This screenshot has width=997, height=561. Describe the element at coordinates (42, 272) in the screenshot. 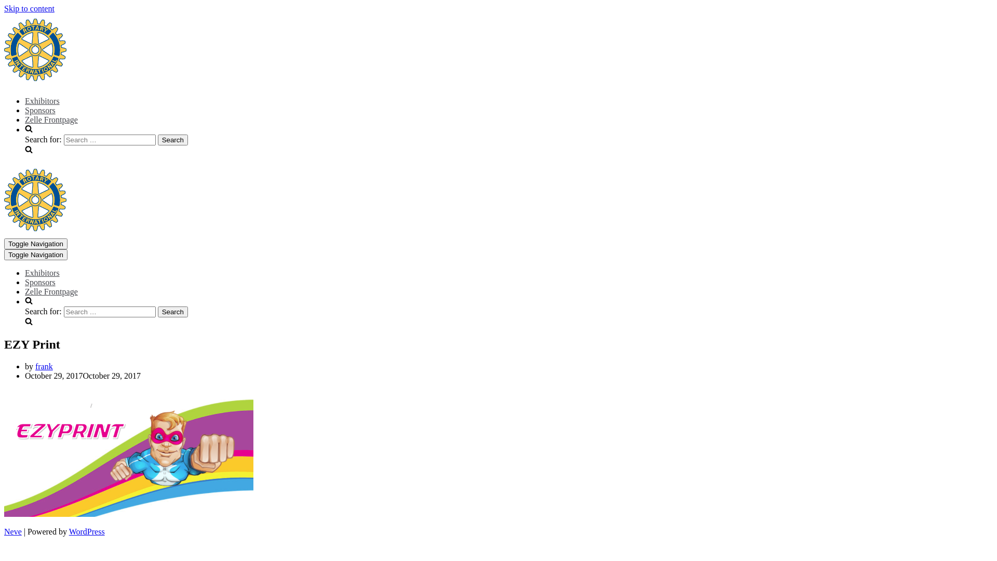

I see `'Exhibitors'` at that location.